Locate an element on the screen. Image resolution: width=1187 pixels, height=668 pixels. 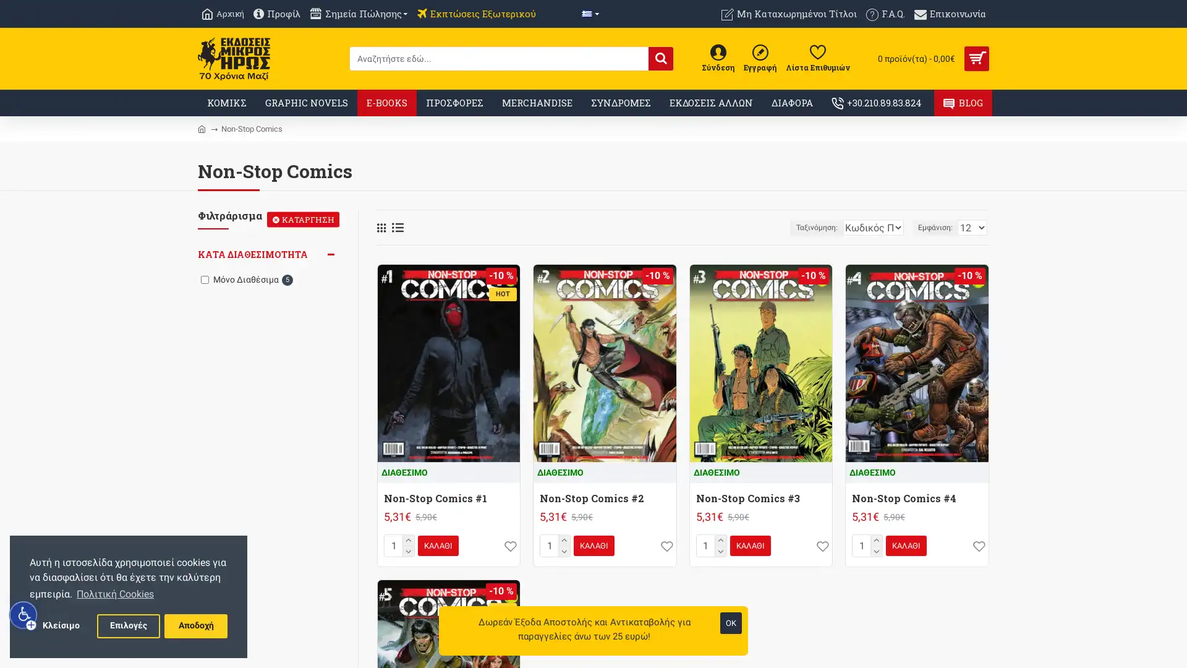
OK is located at coordinates (731, 623).